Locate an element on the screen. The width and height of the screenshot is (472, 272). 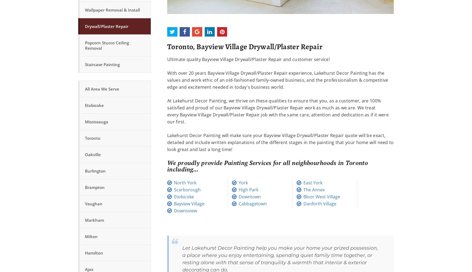
'Downsview' is located at coordinates (185, 210).